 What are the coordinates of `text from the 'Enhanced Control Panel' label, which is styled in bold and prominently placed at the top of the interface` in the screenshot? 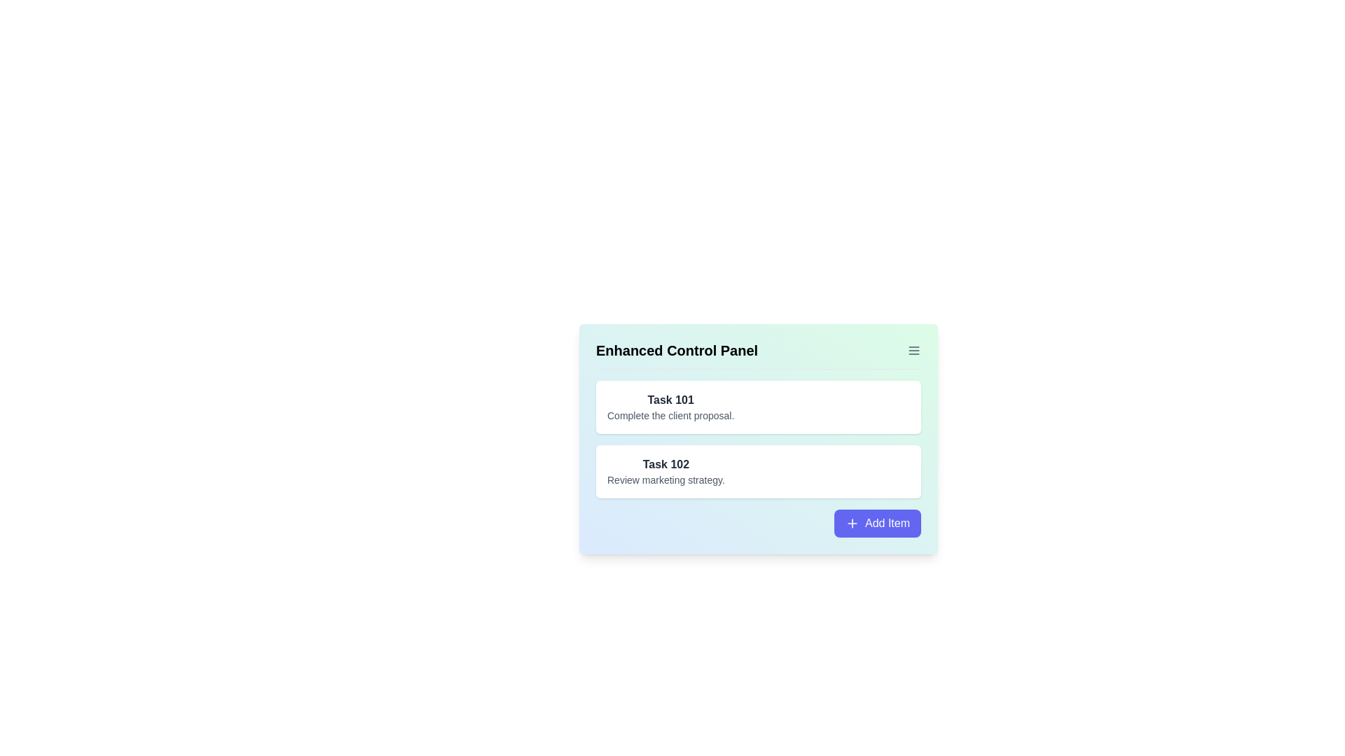 It's located at (677, 350).